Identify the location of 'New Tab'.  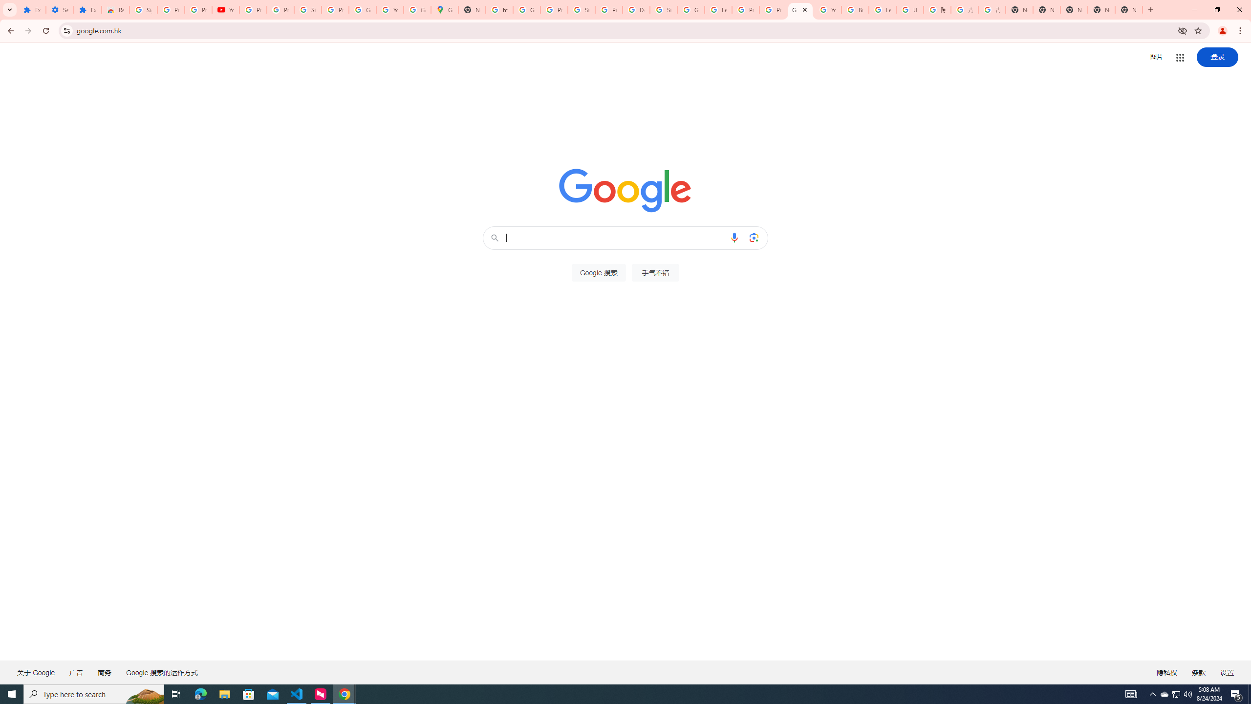
(1129, 9).